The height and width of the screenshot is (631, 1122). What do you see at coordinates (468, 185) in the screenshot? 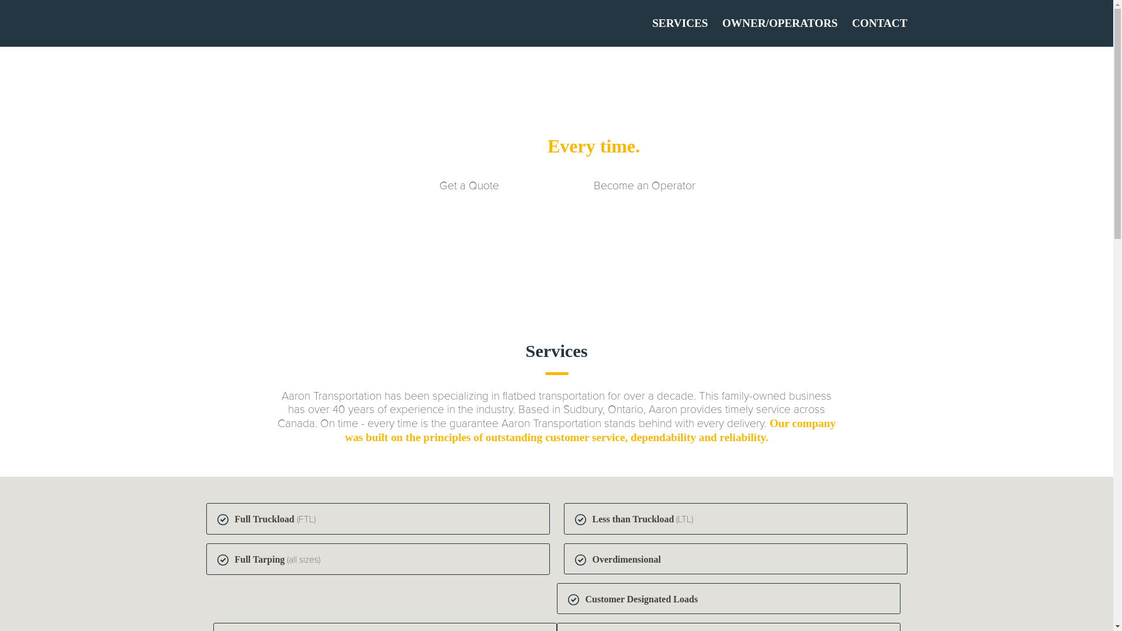
I see `'Get a Quote'` at bounding box center [468, 185].